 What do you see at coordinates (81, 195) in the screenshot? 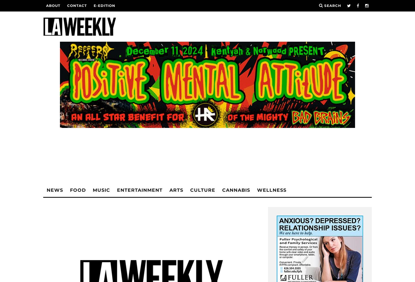
I see `'From Sexyy Red to Green Day — the New LA Weekly Playlist is Live'` at bounding box center [81, 195].